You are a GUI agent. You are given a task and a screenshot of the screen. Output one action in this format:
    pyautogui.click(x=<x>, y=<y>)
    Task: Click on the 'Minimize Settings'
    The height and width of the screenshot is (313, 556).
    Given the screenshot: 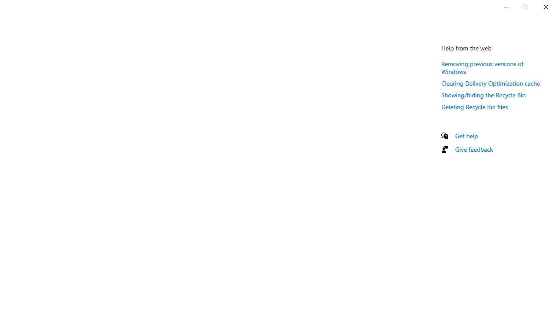 What is the action you would take?
    pyautogui.click(x=506, y=7)
    